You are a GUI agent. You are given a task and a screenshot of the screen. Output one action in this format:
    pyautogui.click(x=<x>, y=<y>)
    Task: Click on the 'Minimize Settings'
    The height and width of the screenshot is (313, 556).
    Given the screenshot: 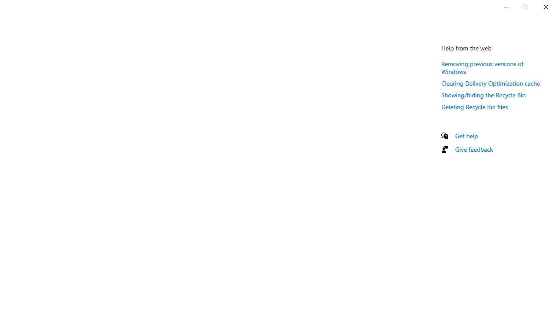 What is the action you would take?
    pyautogui.click(x=506, y=7)
    